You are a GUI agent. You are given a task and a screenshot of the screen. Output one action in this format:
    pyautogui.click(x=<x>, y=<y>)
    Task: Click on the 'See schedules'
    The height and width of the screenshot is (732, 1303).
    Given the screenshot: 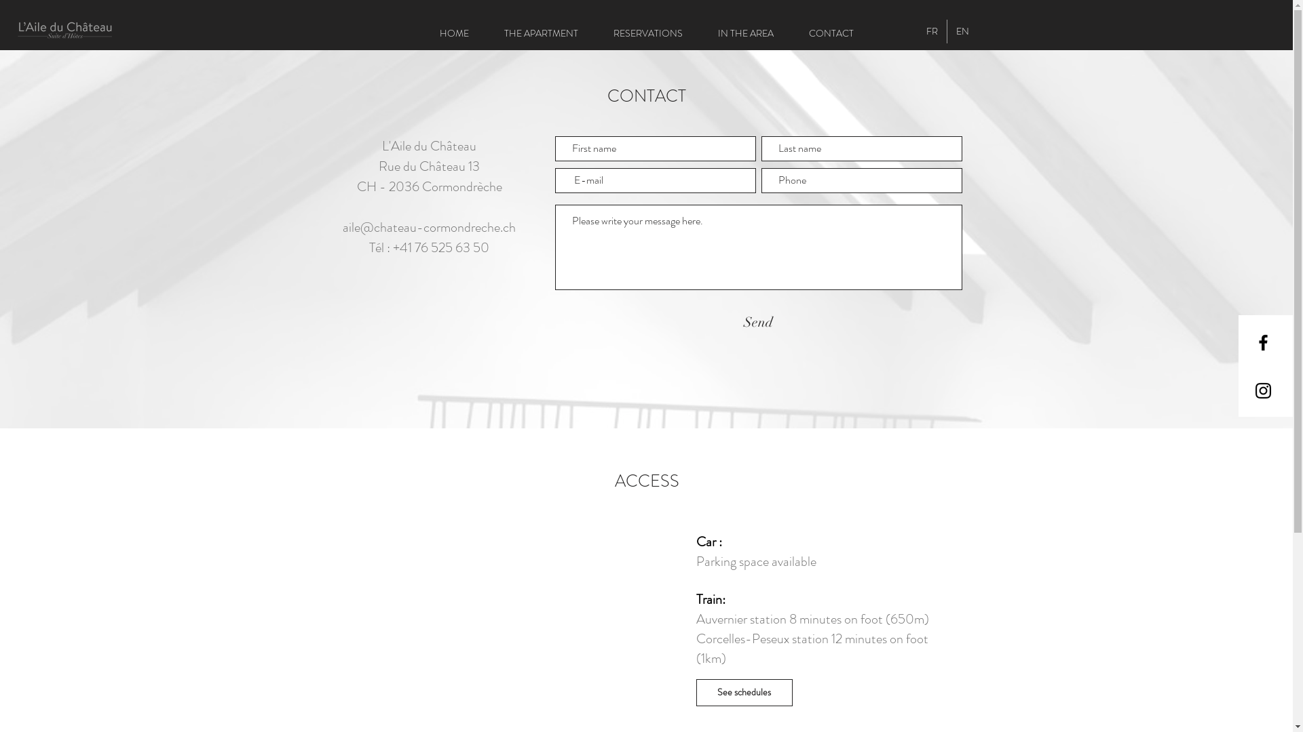 What is the action you would take?
    pyautogui.click(x=696, y=693)
    